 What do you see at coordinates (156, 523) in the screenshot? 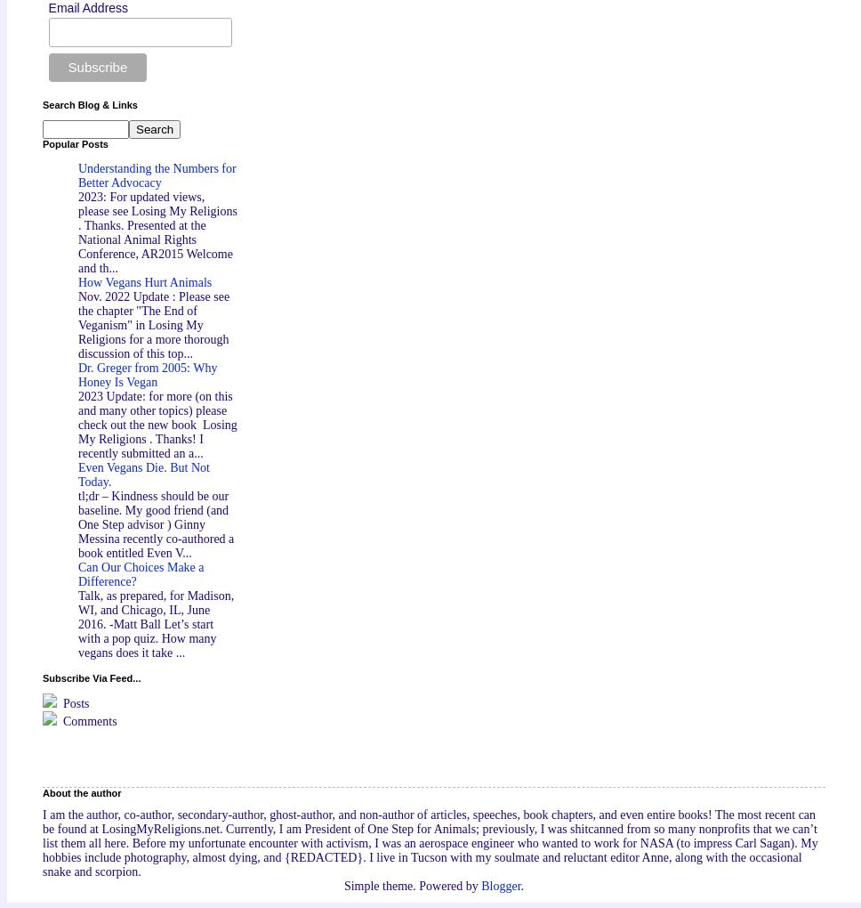
I see `'tl;dr – Kindness should be our baseline.    My good friend (and One Step advisor ) Ginny Messina recently co-authored a book entitled Even V...'` at bounding box center [156, 523].